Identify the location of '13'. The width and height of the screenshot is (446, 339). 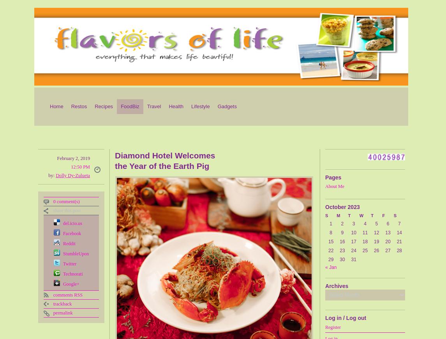
(387, 232).